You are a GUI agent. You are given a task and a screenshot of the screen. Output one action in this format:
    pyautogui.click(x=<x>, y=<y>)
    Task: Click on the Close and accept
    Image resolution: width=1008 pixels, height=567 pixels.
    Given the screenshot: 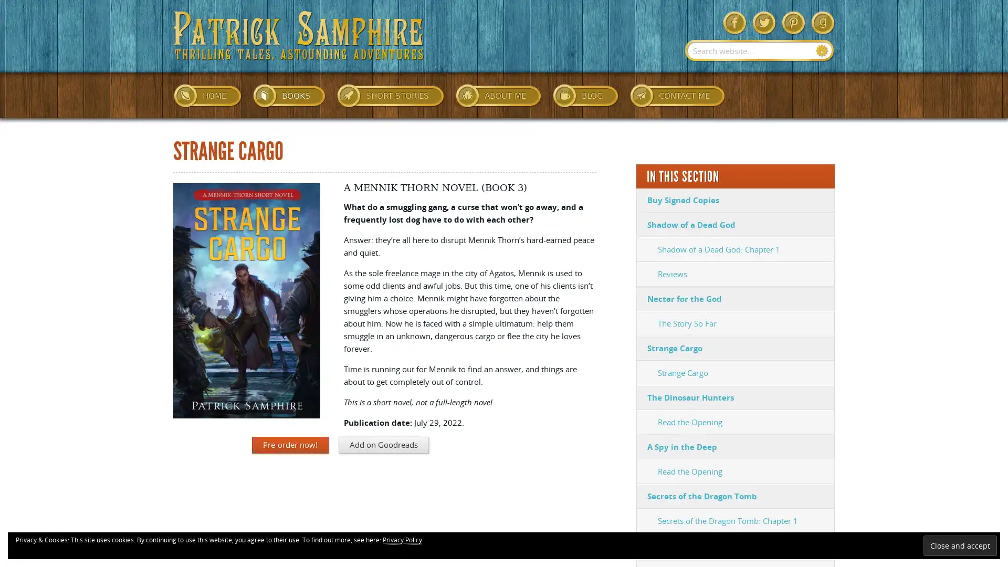 What is the action you would take?
    pyautogui.click(x=960, y=545)
    